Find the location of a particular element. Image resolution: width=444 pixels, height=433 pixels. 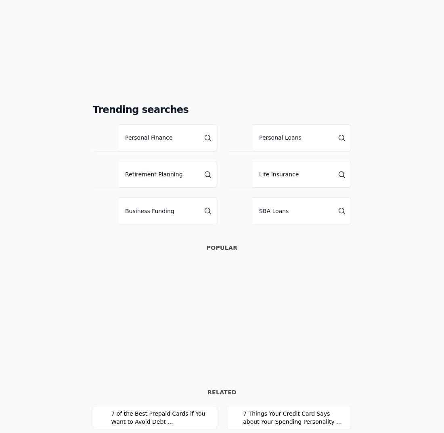

'Personal Loans' is located at coordinates (279, 137).